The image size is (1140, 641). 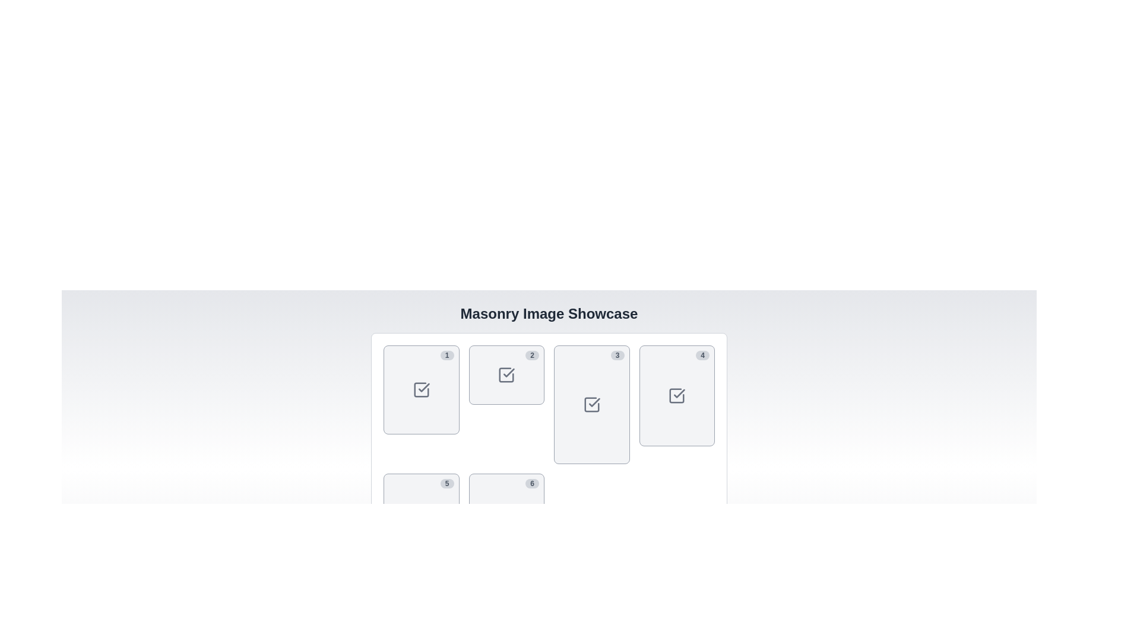 What do you see at coordinates (421, 389) in the screenshot?
I see `the first tile in the grid layout` at bounding box center [421, 389].